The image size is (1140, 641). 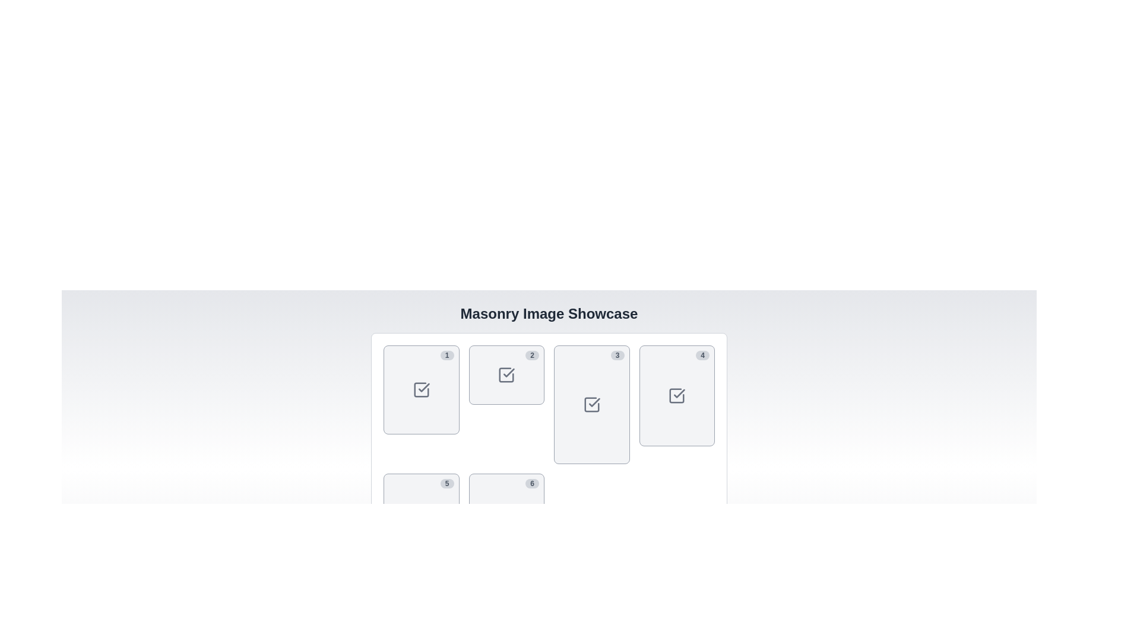 What do you see at coordinates (421, 389) in the screenshot?
I see `the first tile in the grid layout` at bounding box center [421, 389].